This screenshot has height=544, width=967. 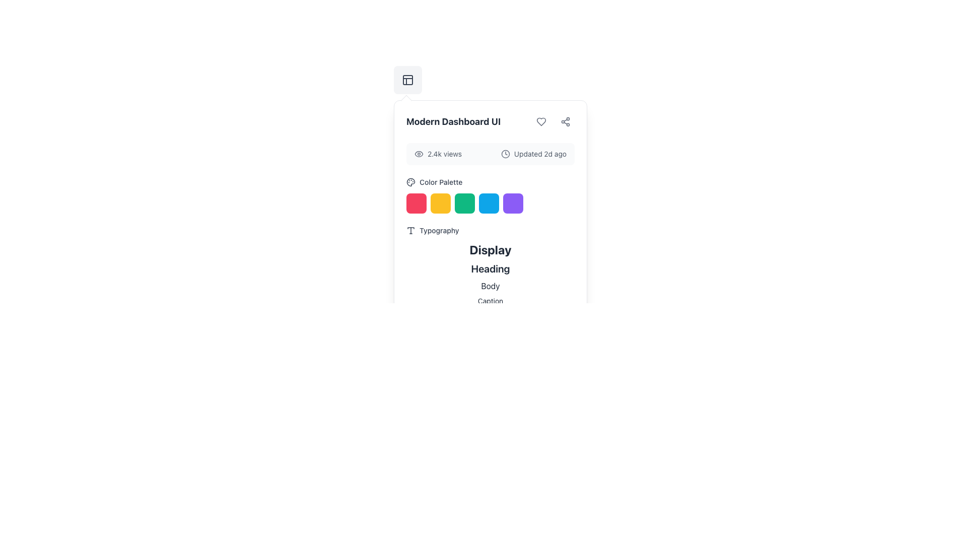 What do you see at coordinates (491, 249) in the screenshot?
I see `the 'Display' label, which is a large, bold text component located centrally near the top of the layout, above the 'Heading' text` at bounding box center [491, 249].